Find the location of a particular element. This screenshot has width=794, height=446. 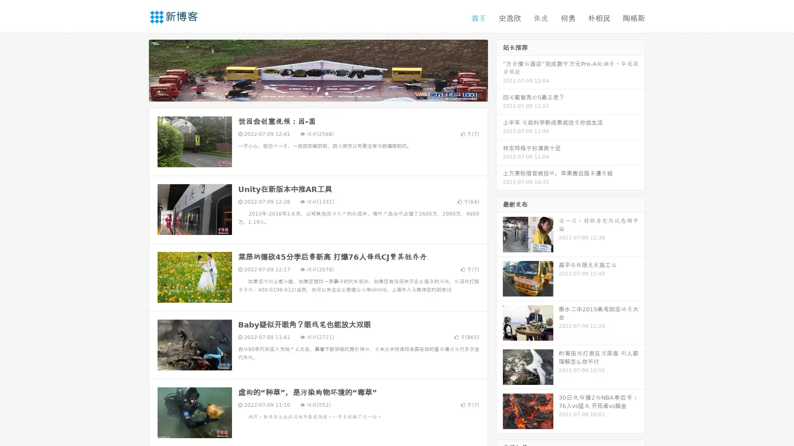

Next slide is located at coordinates (500, 69).